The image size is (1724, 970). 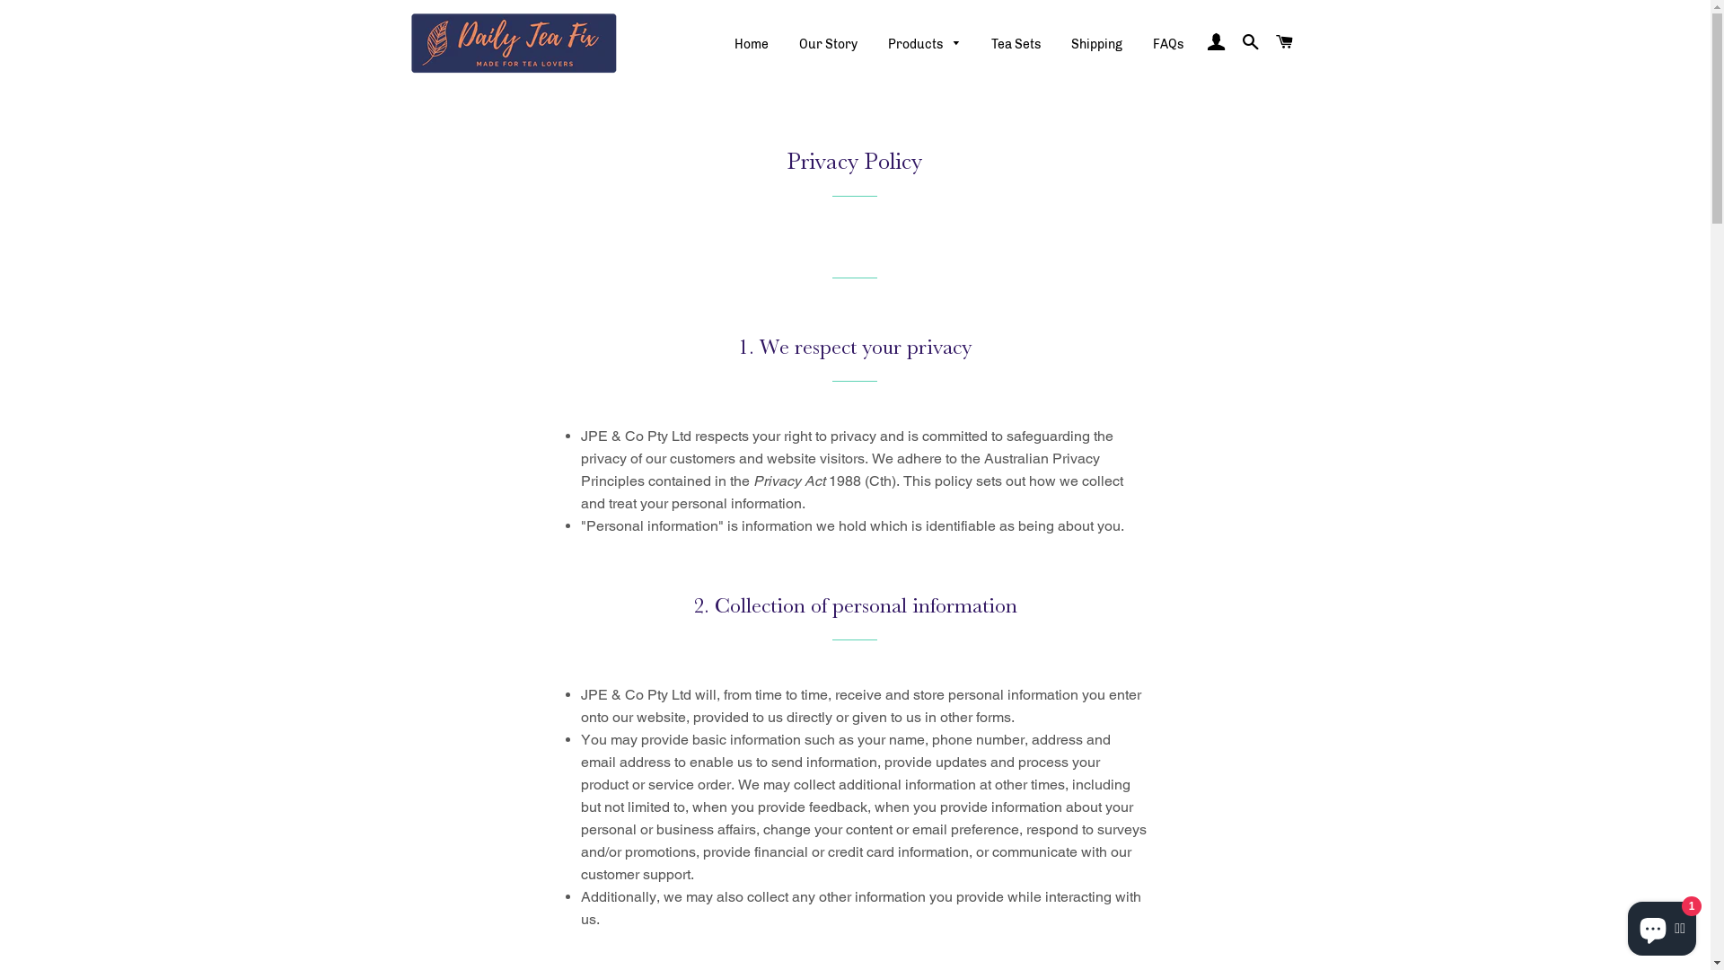 I want to click on 'Log In', so click(x=1215, y=41).